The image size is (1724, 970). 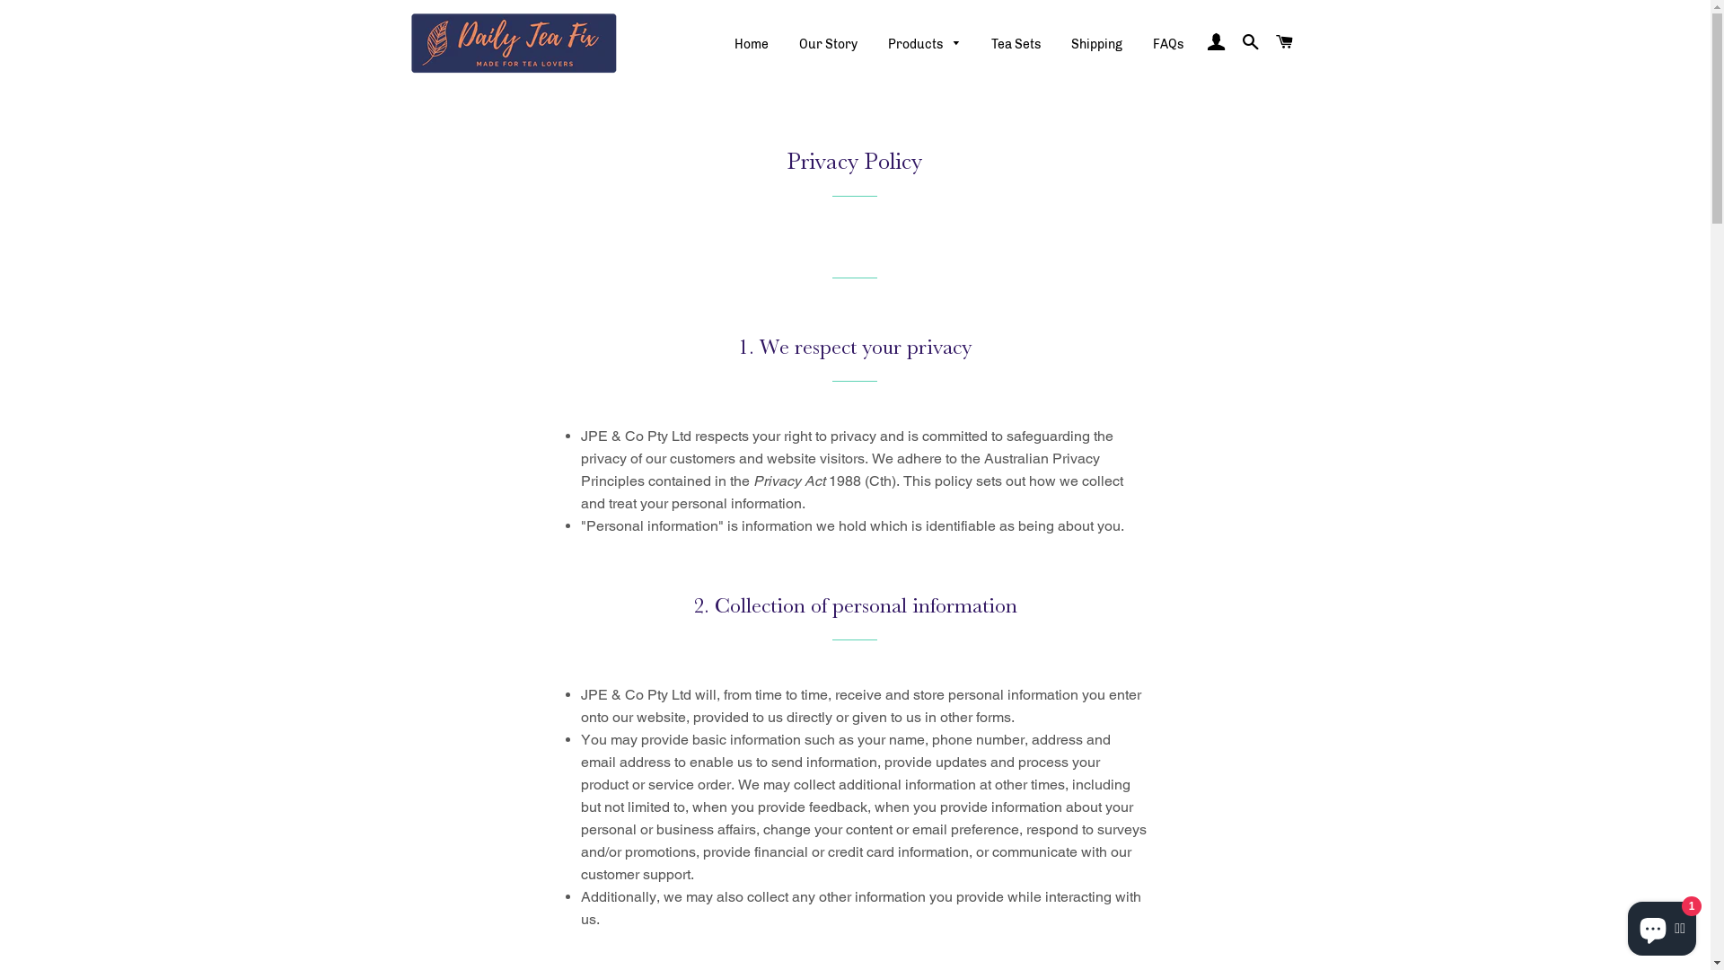 I want to click on 'Log In', so click(x=1215, y=41).